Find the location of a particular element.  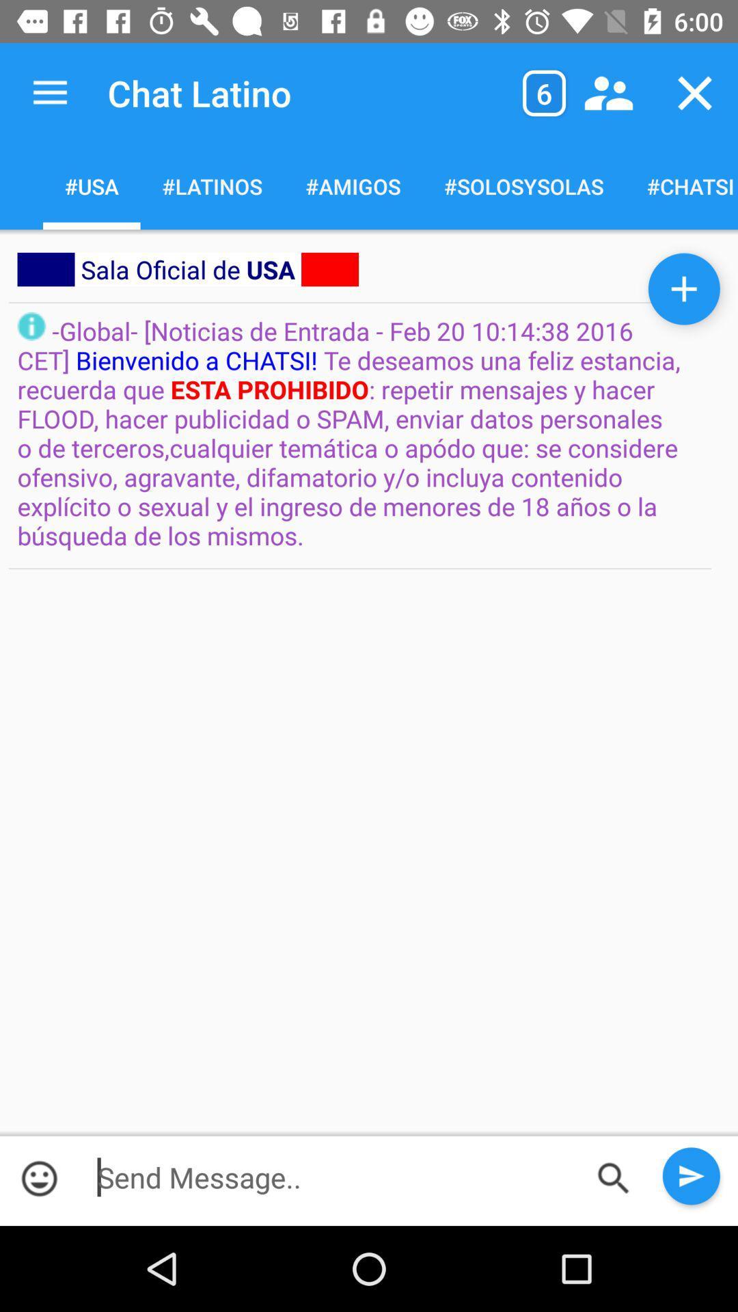

the item next to the 6 item is located at coordinates (608, 92).